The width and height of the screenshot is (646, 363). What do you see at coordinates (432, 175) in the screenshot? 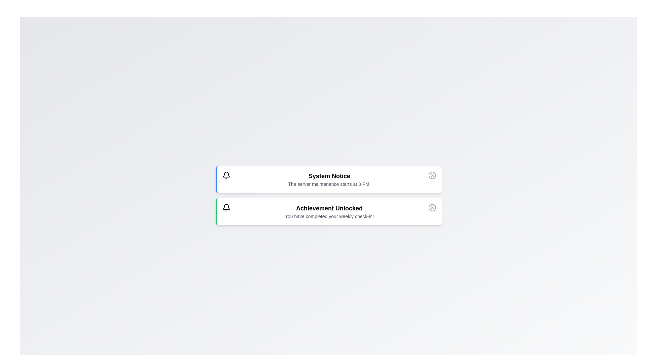
I see `close icon of the notification with title 'System Notice'` at bounding box center [432, 175].